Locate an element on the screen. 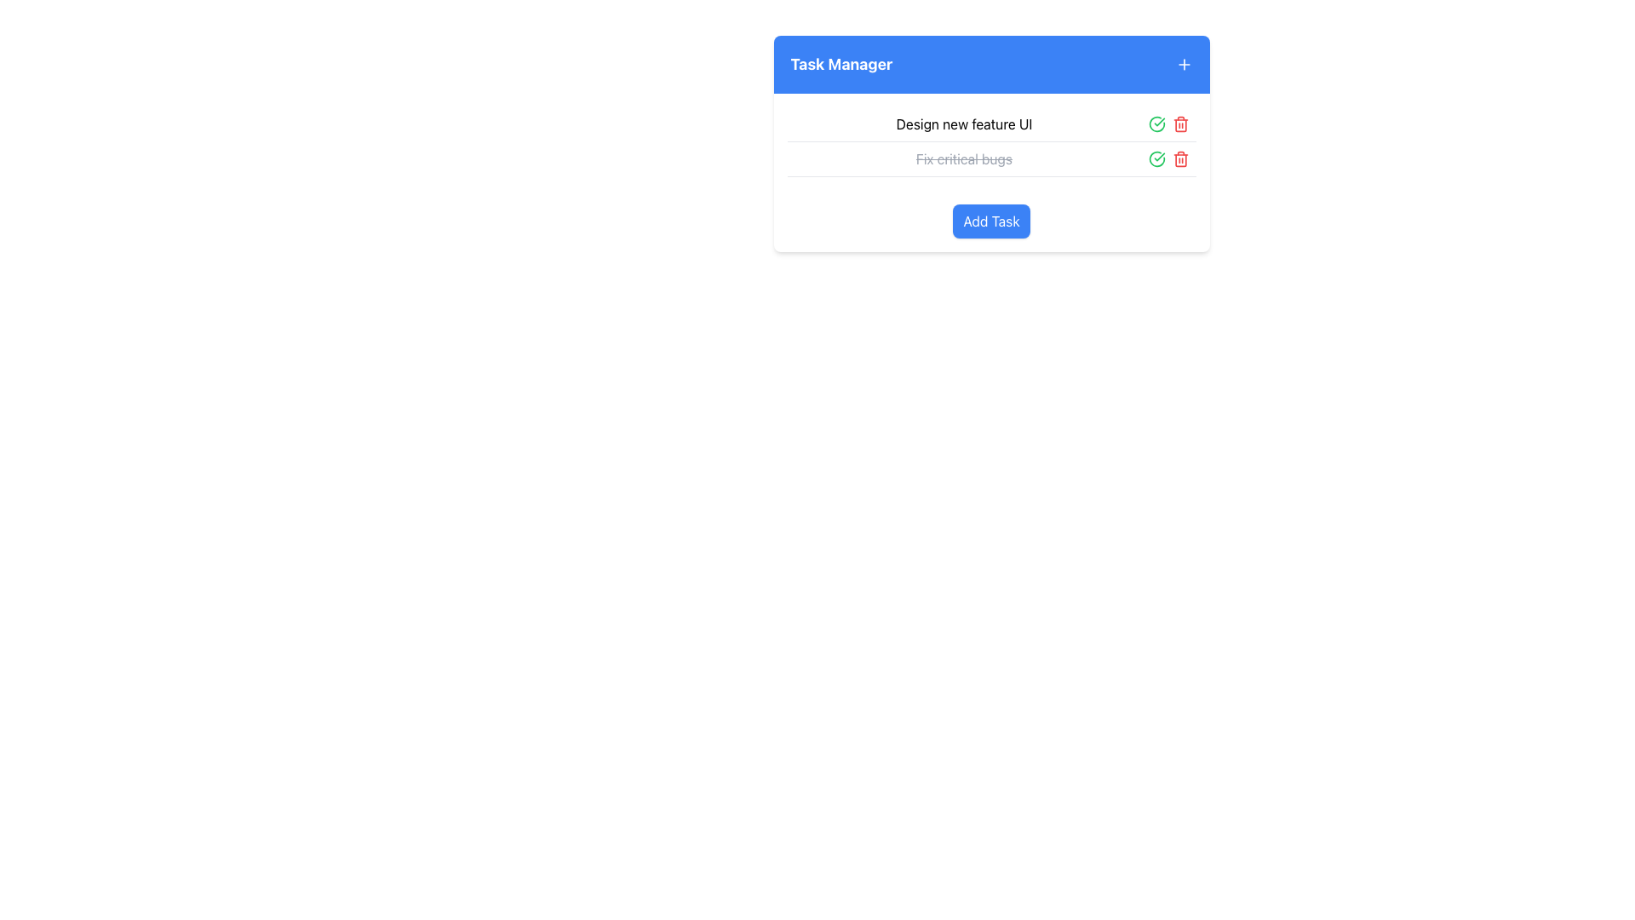 This screenshot has width=1635, height=920. the text label displaying 'Design new feature UI' in plain black text on a white background, which is part of the task management interface is located at coordinates (964, 124).